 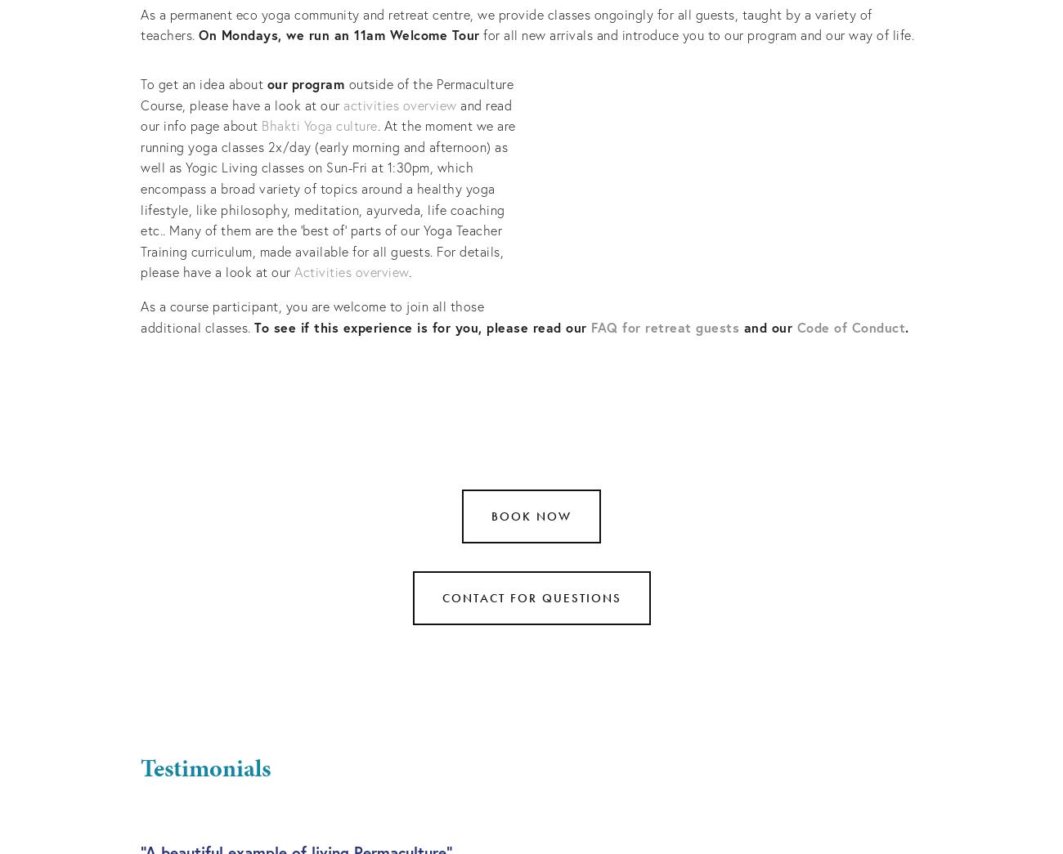 What do you see at coordinates (330, 197) in the screenshot?
I see `'. At the moment we are running yoga classes 2x/day (early morning and afternoon) as well as Yogic Living classes on Sun-Fri at 1:30pm, which encompass a broad variety of topics around a healthy yoga lifestyle, like philosophy, meditation, ayurveda, life coaching etc.. Many of them are the 'best of' parts of our Yoga Teacher Training curriculum, made available for all guests. For details, please have a look at our'` at bounding box center [330, 197].